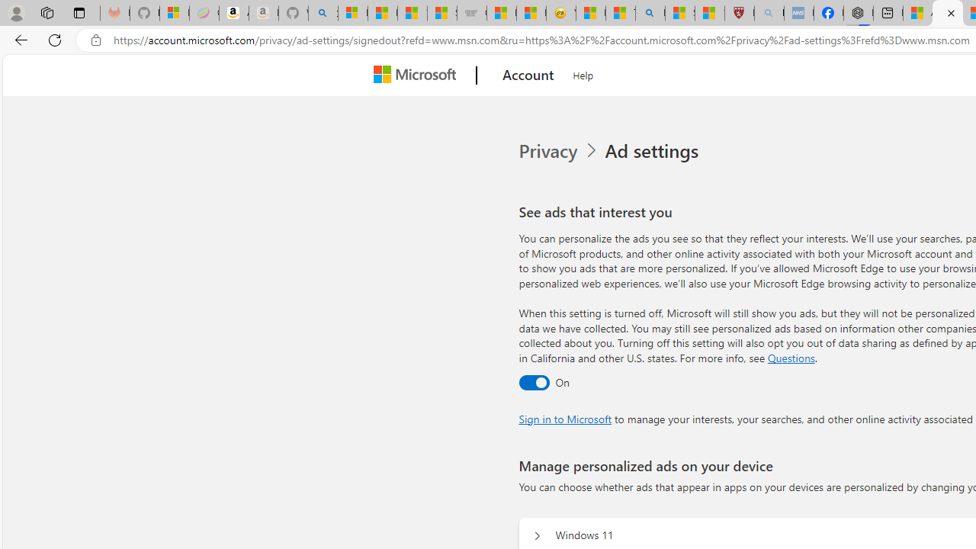  What do you see at coordinates (418, 75) in the screenshot?
I see `'Microsoft'` at bounding box center [418, 75].